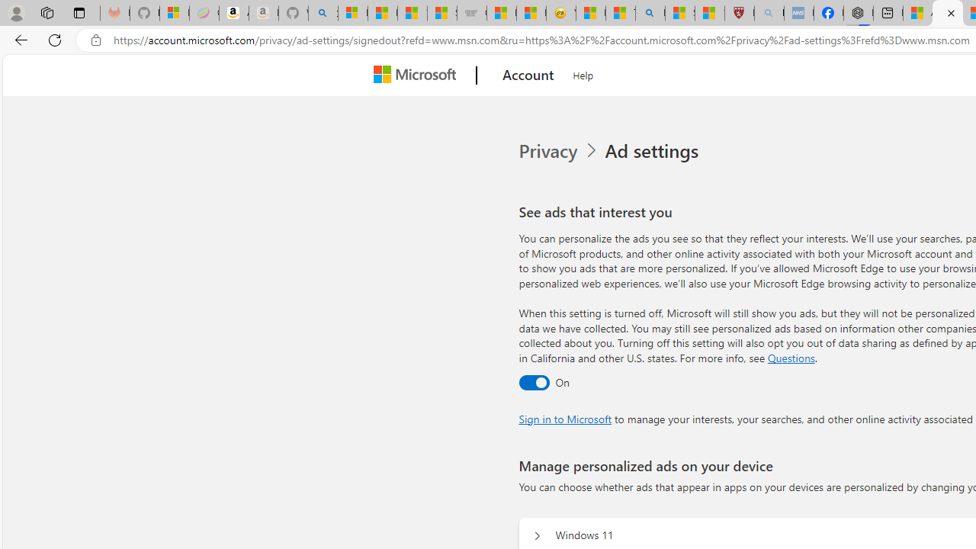  What do you see at coordinates (418, 75) in the screenshot?
I see `'Microsoft'` at bounding box center [418, 75].